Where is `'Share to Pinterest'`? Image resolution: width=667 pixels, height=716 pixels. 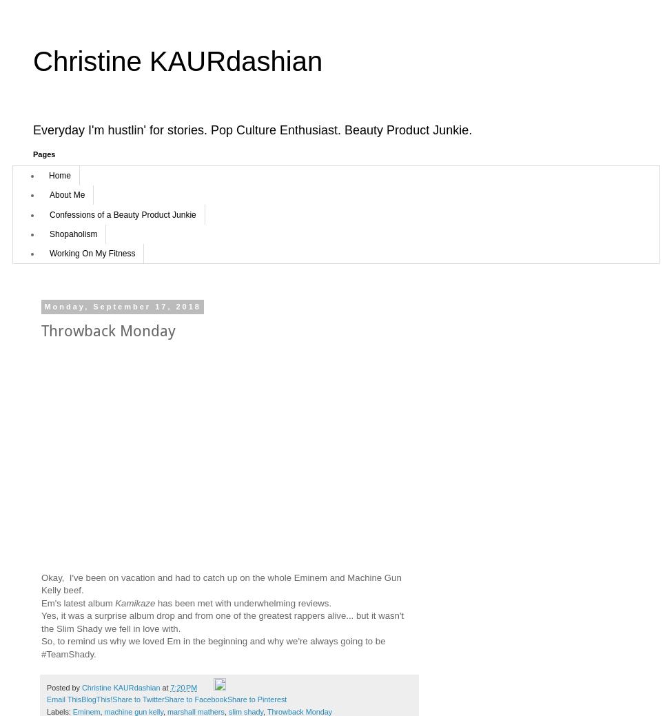 'Share to Pinterest' is located at coordinates (256, 699).